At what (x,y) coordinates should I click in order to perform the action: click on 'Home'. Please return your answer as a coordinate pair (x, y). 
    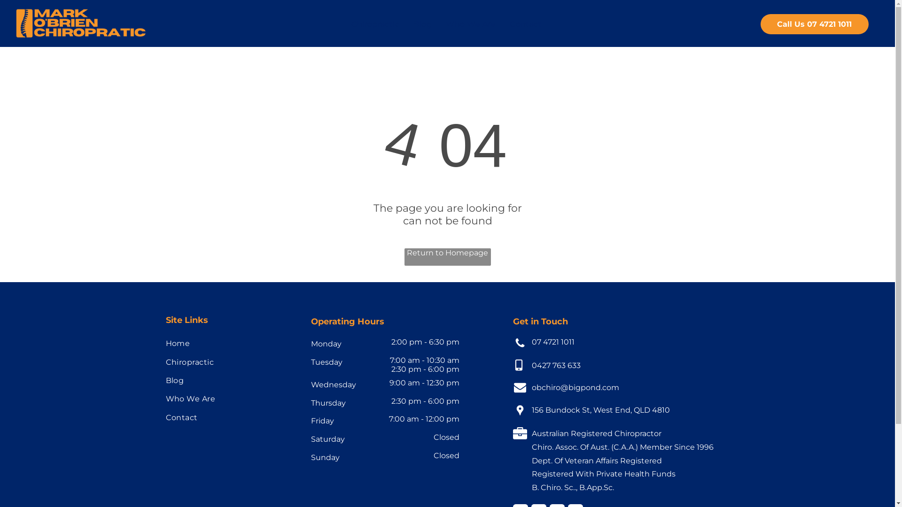
    Looking at the image, I should click on (228, 343).